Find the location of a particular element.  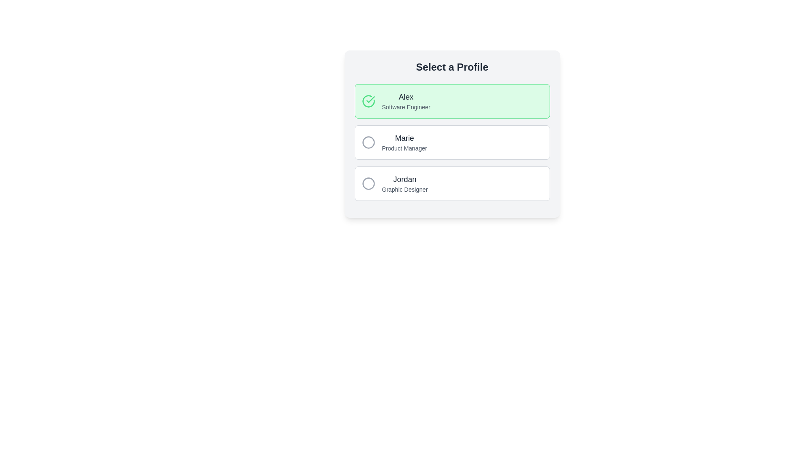

the Text Display element that shows the name and occupation of an individual, located at the bottom of a vertical list within a card component, specifically the third entry after 'Alex Software Engineer' and 'Marie Product Manager' is located at coordinates (404, 183).